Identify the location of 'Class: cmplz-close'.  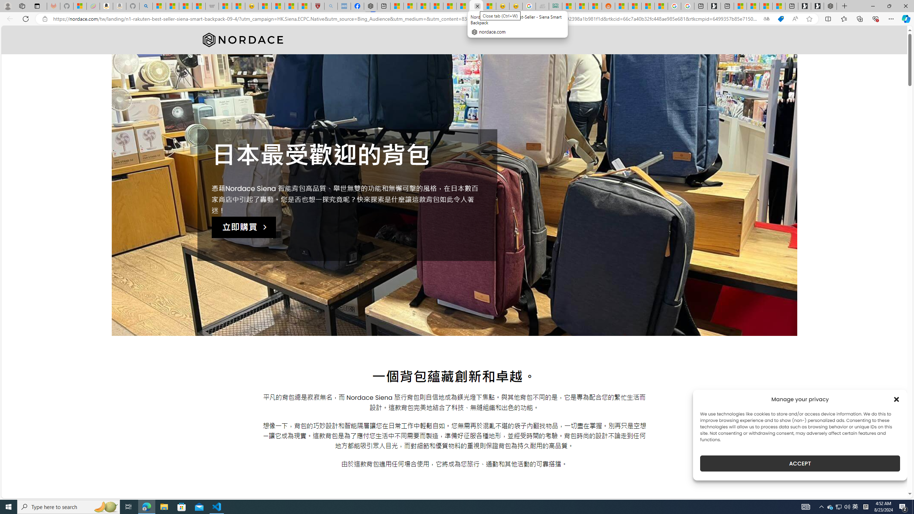
(897, 399).